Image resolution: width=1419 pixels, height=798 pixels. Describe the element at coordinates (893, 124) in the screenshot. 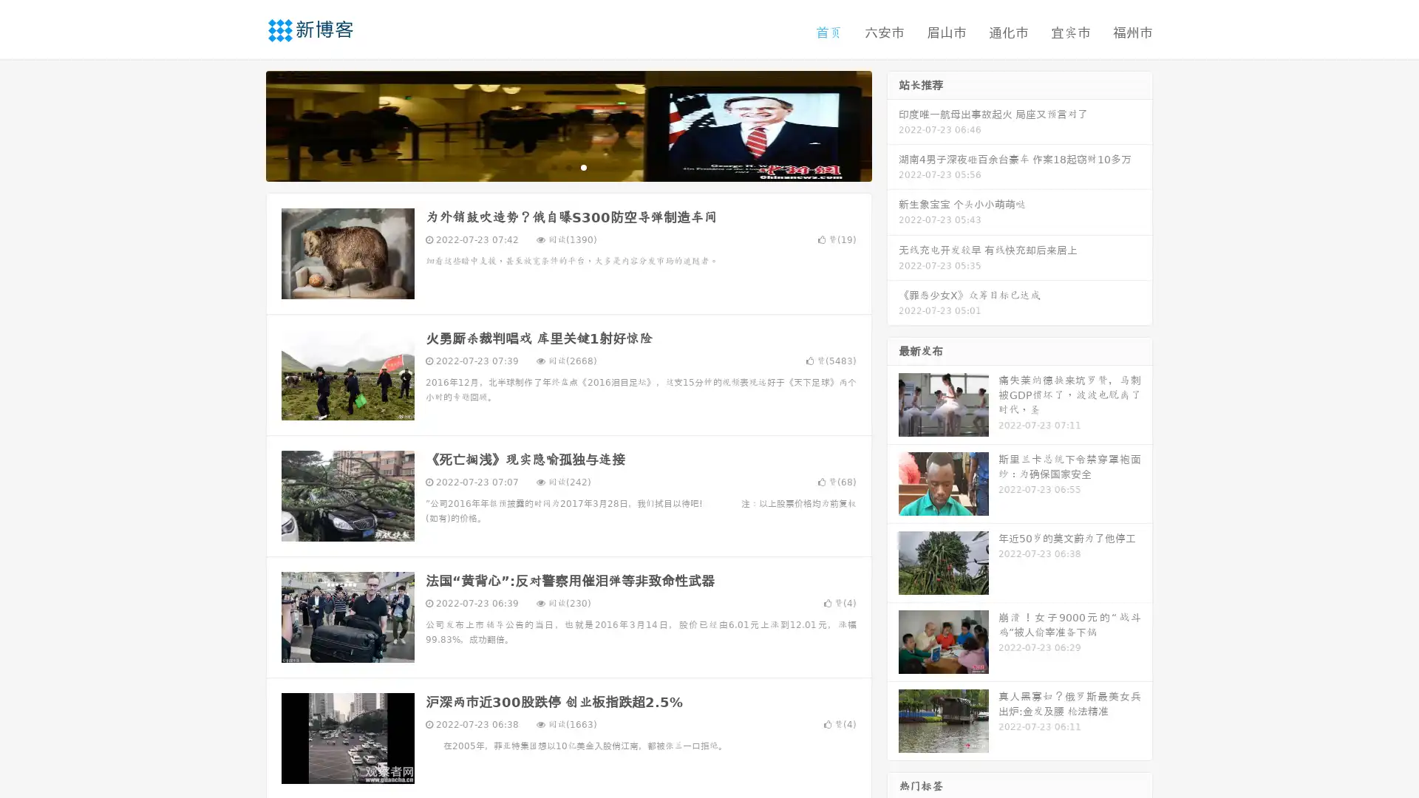

I see `Next slide` at that location.